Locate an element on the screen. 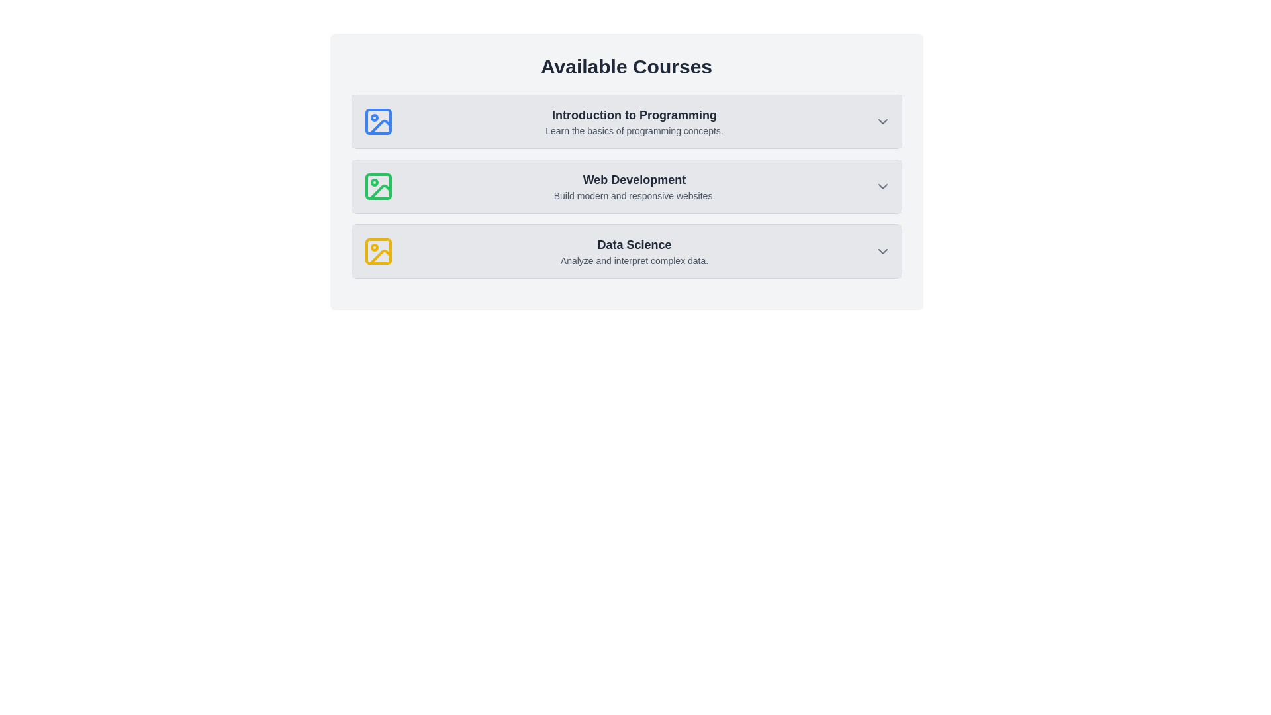 This screenshot has height=715, width=1271. the graphical element within the bottom-most yellow-themed icon, which is positioned to the left of the 'Data Science' course title is located at coordinates (377, 252).